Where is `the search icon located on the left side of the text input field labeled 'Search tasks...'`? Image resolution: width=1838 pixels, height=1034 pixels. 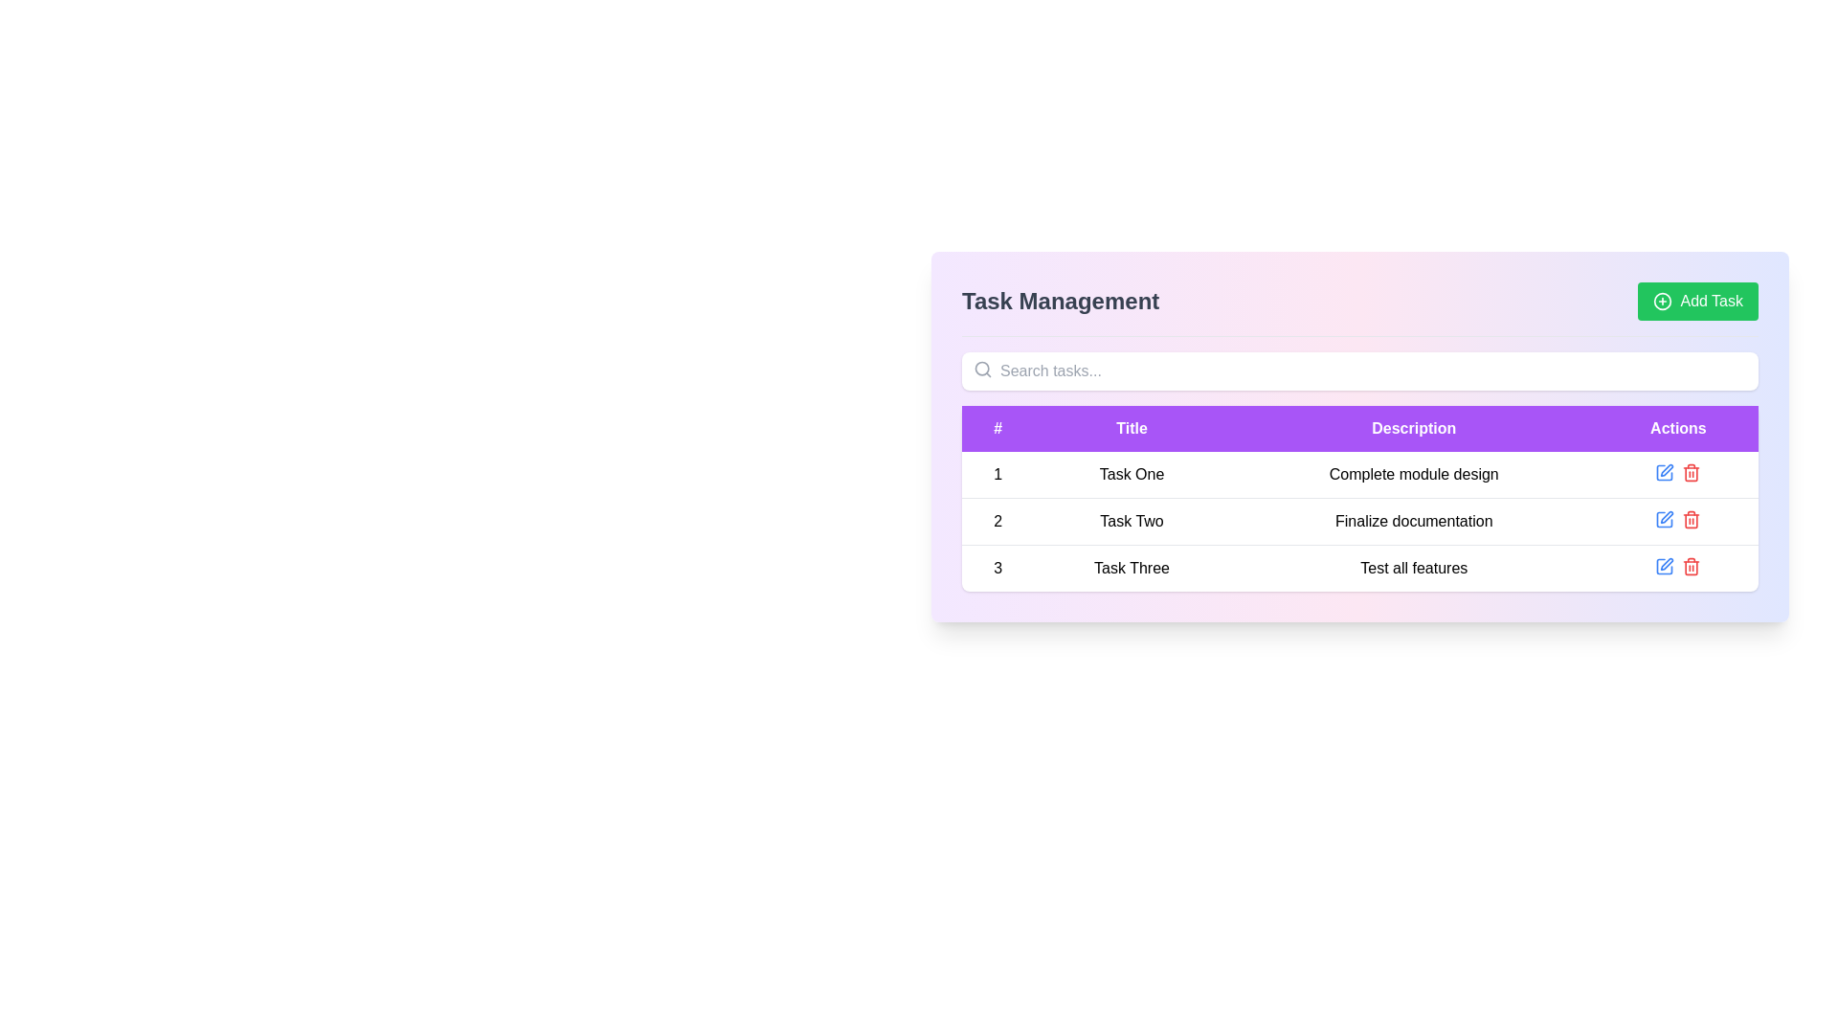 the search icon located on the left side of the text input field labeled 'Search tasks...' is located at coordinates (983, 369).